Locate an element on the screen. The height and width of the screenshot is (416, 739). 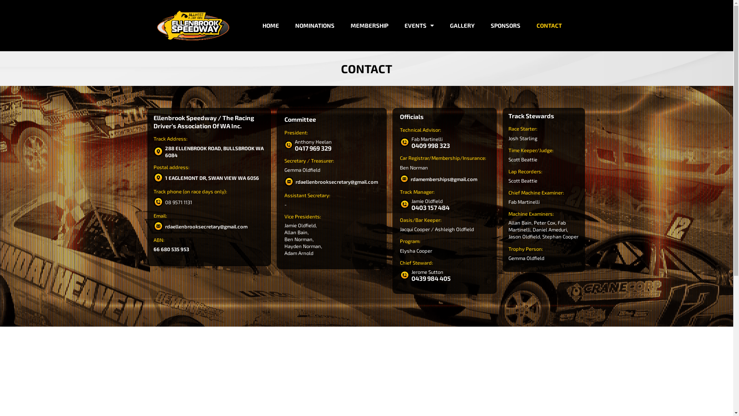
'EVENTS' is located at coordinates (419, 25).